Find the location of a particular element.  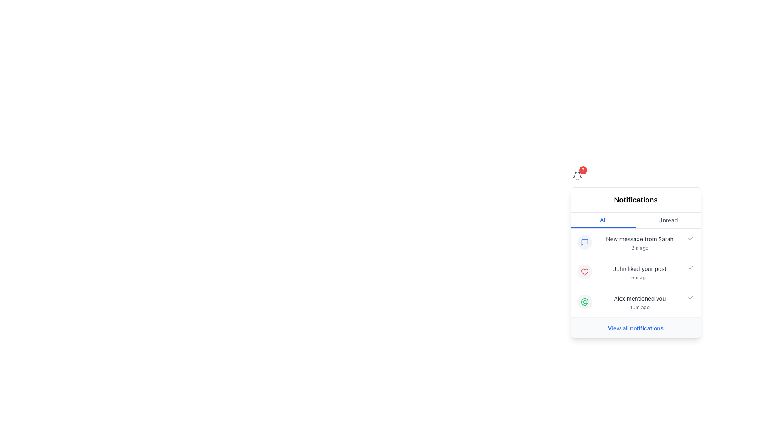

the 'All' tab in the notifications dropdown menu to switch is located at coordinates (635, 220).